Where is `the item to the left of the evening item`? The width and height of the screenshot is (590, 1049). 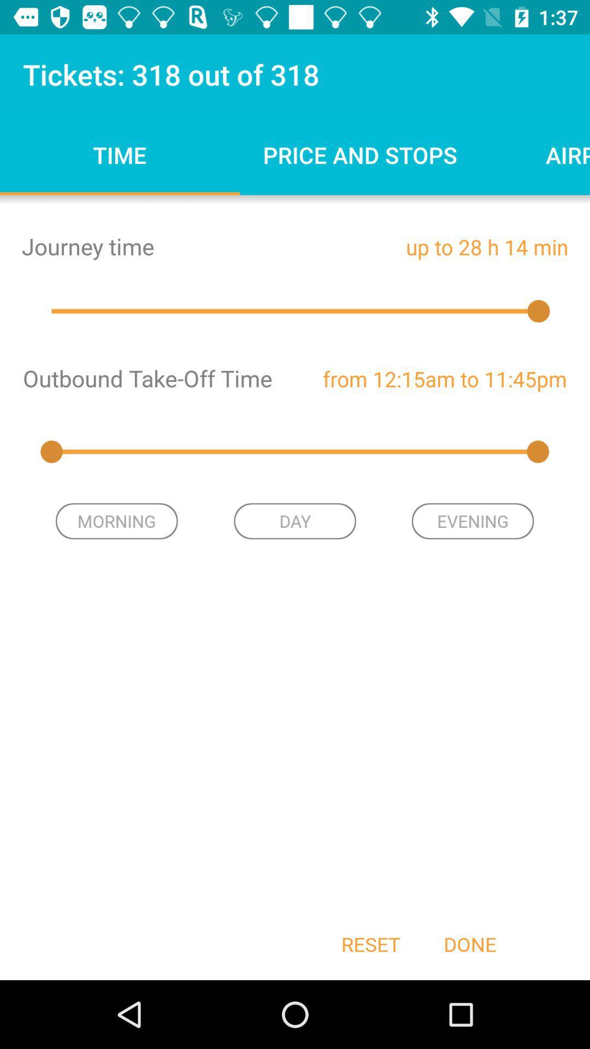
the item to the left of the evening item is located at coordinates (295, 521).